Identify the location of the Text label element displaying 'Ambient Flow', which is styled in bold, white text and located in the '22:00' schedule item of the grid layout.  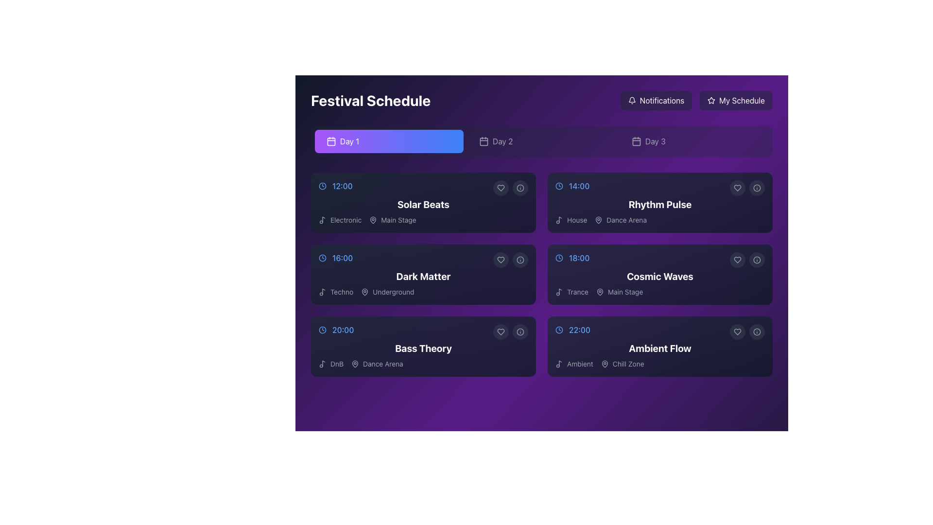
(660, 348).